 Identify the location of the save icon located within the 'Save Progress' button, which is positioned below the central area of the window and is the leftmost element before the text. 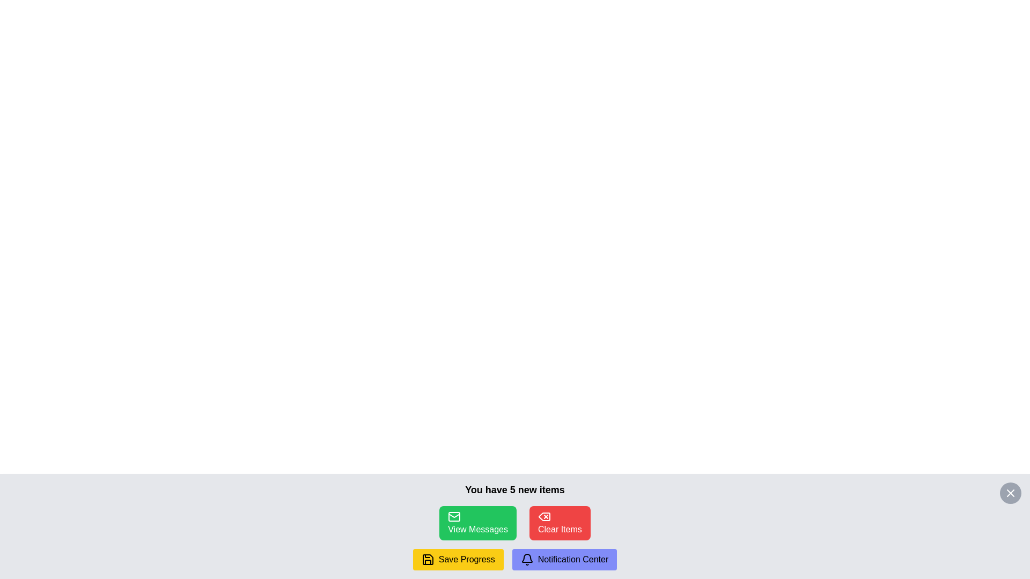
(427, 559).